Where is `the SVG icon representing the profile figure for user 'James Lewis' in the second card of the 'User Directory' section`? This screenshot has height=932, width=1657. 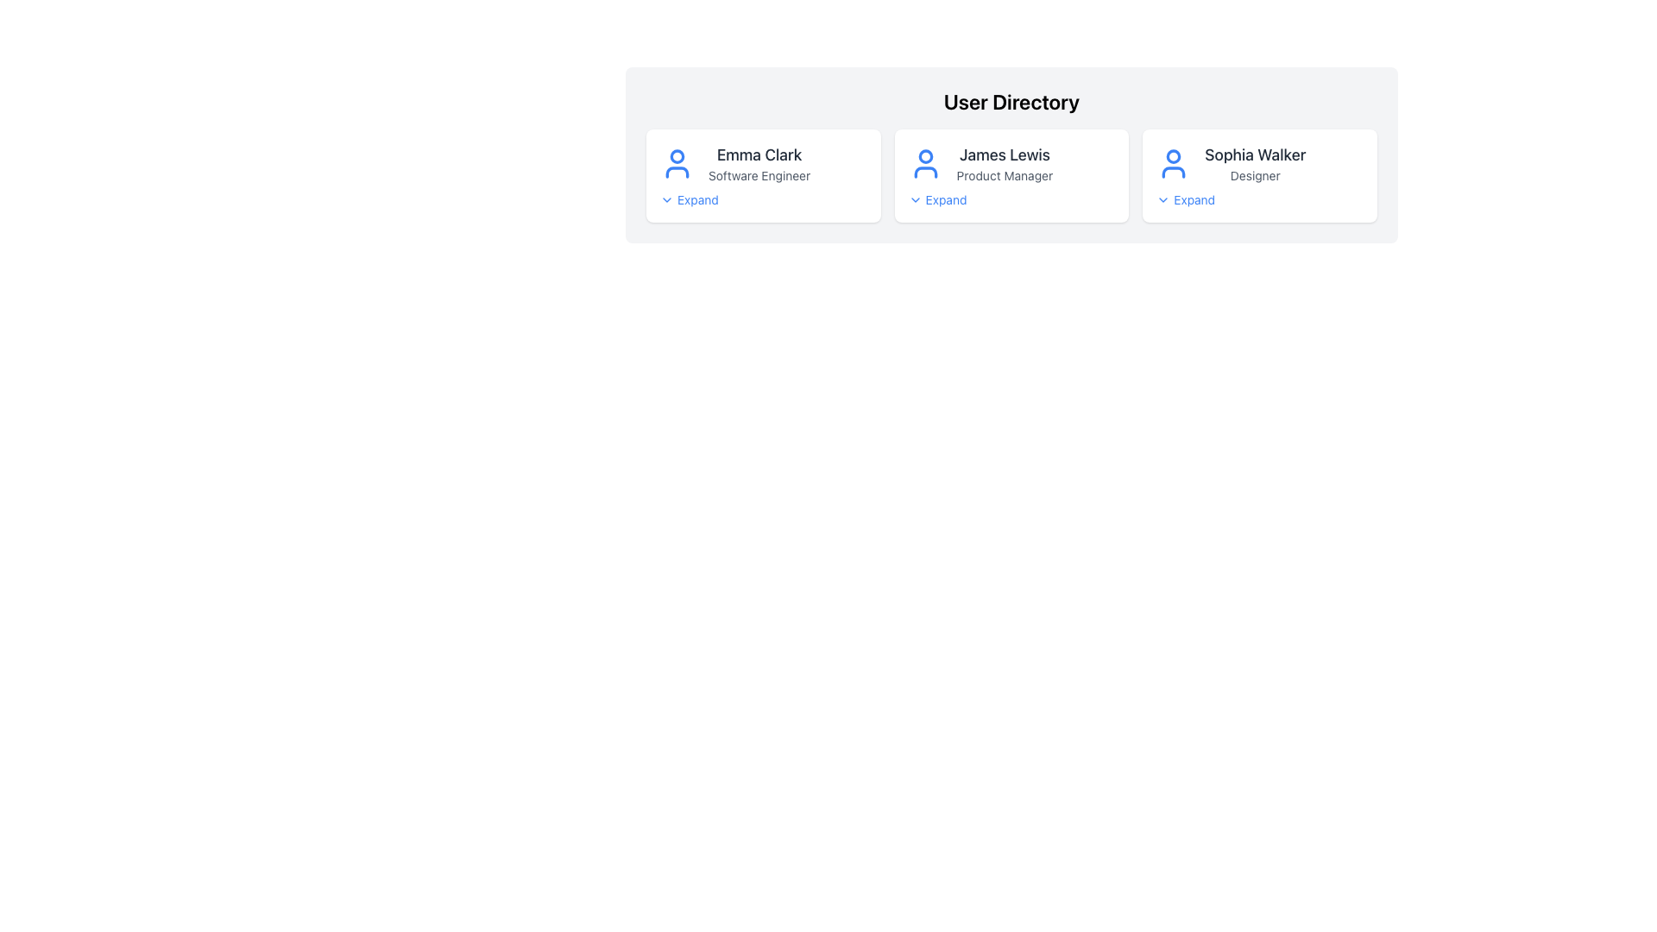 the SVG icon representing the profile figure for user 'James Lewis' in the second card of the 'User Directory' section is located at coordinates (924, 173).